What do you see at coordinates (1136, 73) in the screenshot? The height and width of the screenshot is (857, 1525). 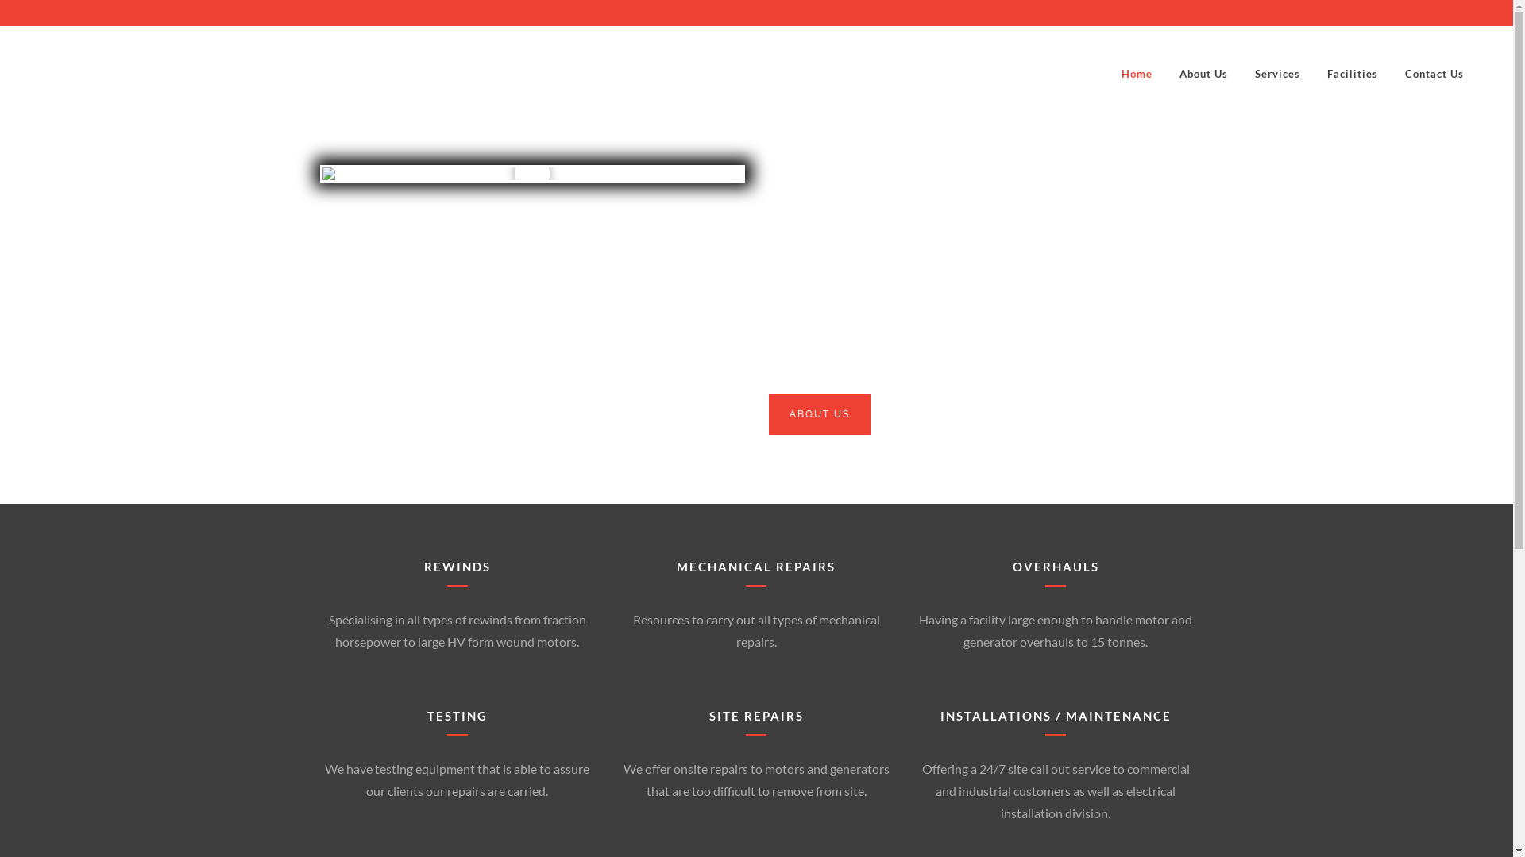 I see `'Home'` at bounding box center [1136, 73].